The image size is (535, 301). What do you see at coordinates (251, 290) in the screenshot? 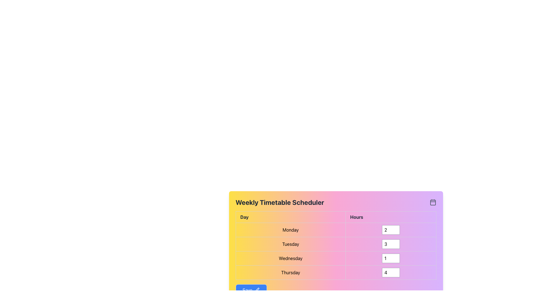
I see `the save button located at the bottom-left of the timetable scheduler` at bounding box center [251, 290].